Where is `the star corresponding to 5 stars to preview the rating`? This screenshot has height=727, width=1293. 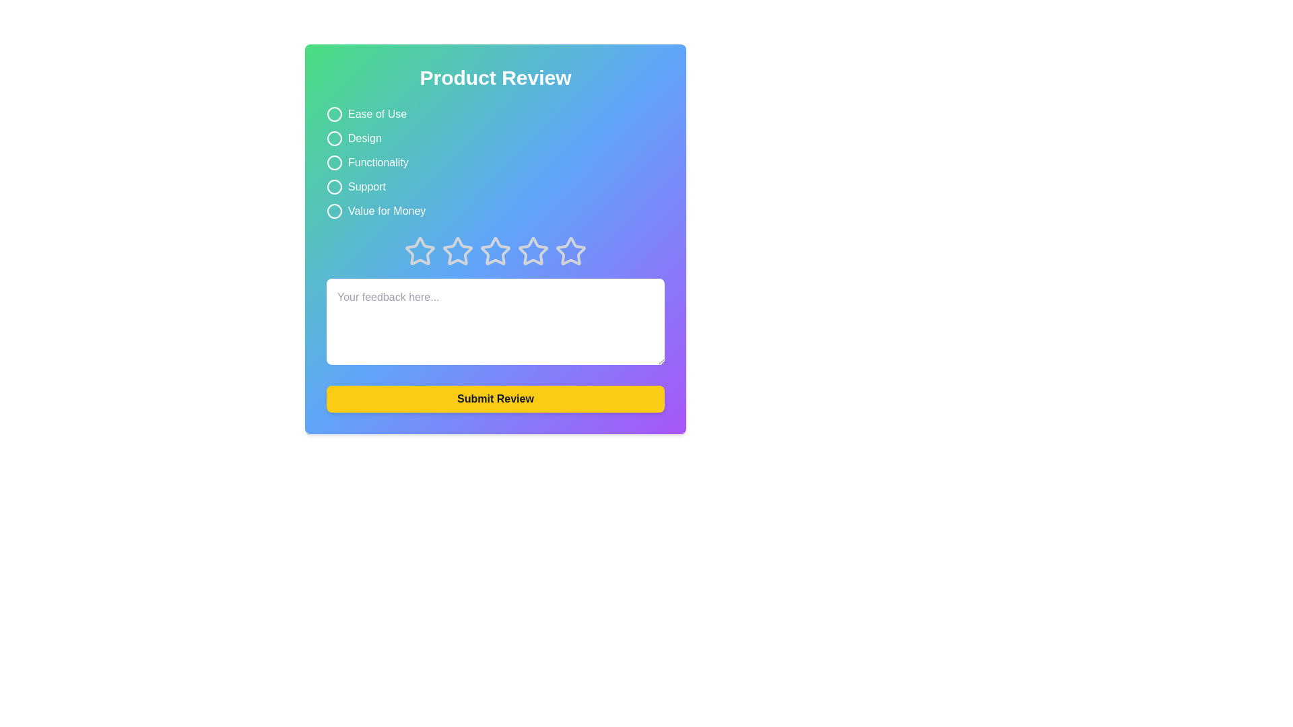
the star corresponding to 5 stars to preview the rating is located at coordinates (571, 252).